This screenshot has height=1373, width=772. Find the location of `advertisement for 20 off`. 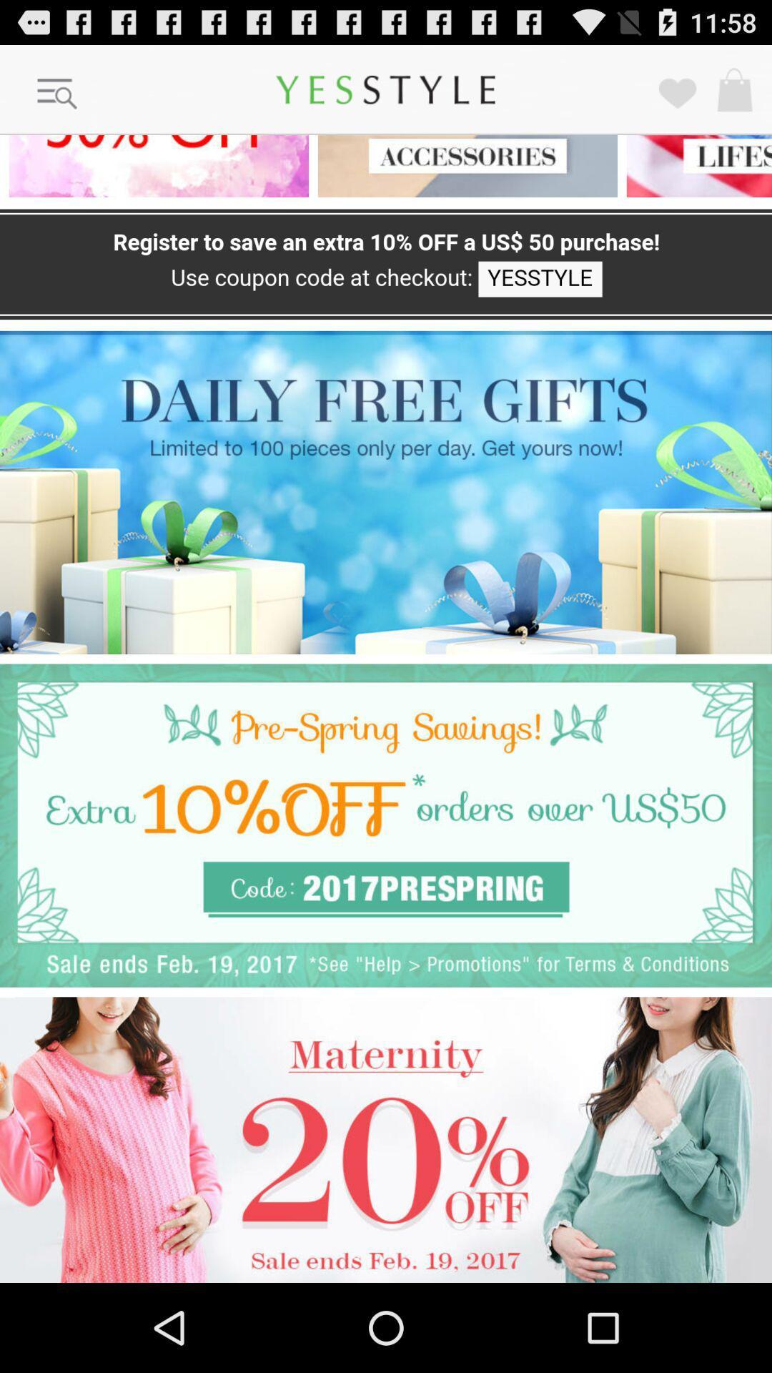

advertisement for 20 off is located at coordinates (386, 1139).